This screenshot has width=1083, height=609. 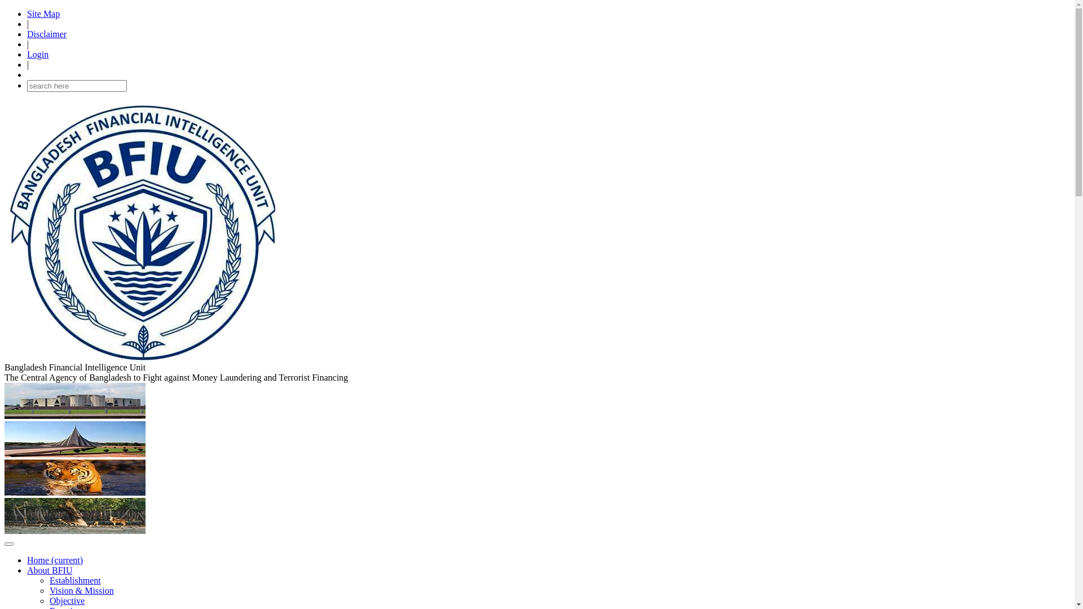 What do you see at coordinates (54, 560) in the screenshot?
I see `'Home (current)'` at bounding box center [54, 560].